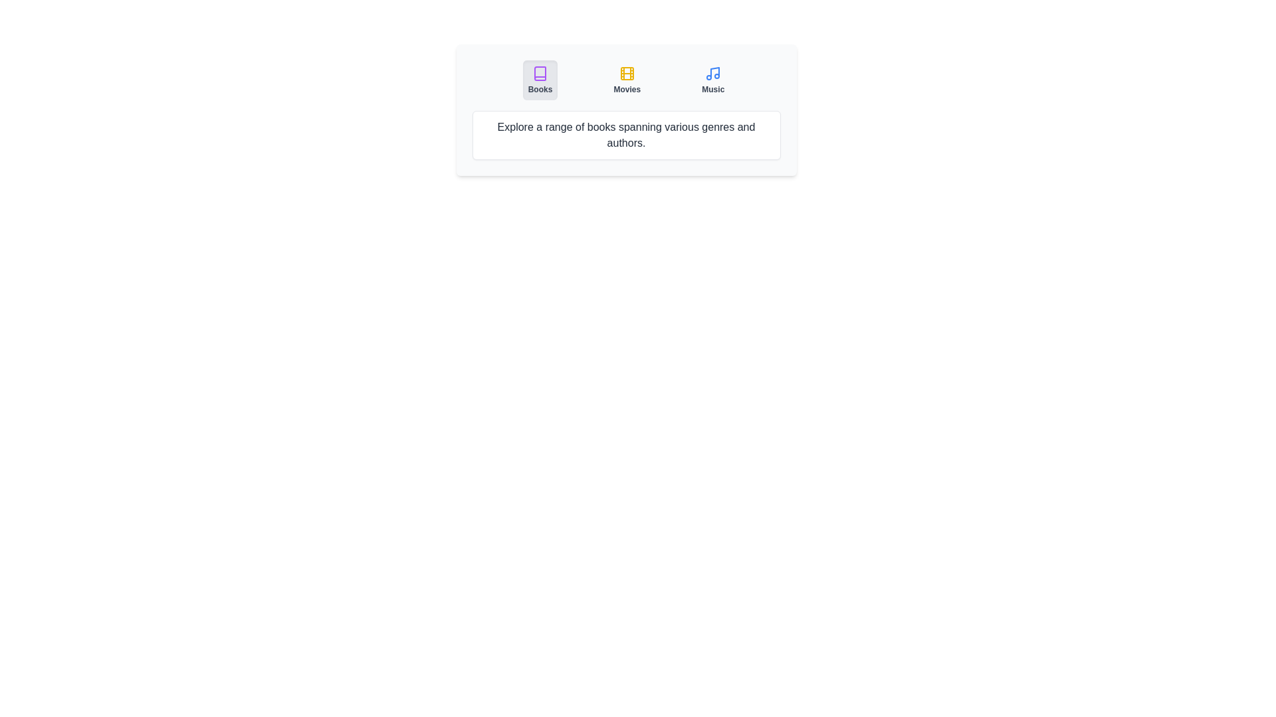 This screenshot has height=717, width=1276. I want to click on the tab button labeled 'Movies' to observe its visual effect, so click(625, 80).